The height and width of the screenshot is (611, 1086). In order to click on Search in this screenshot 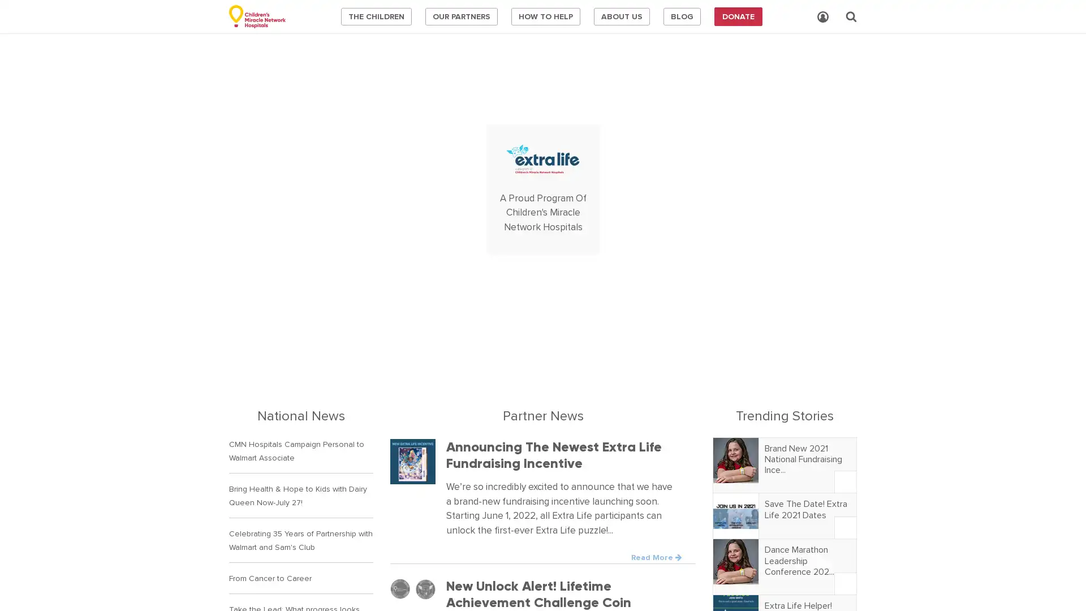, I will do `click(851, 16)`.